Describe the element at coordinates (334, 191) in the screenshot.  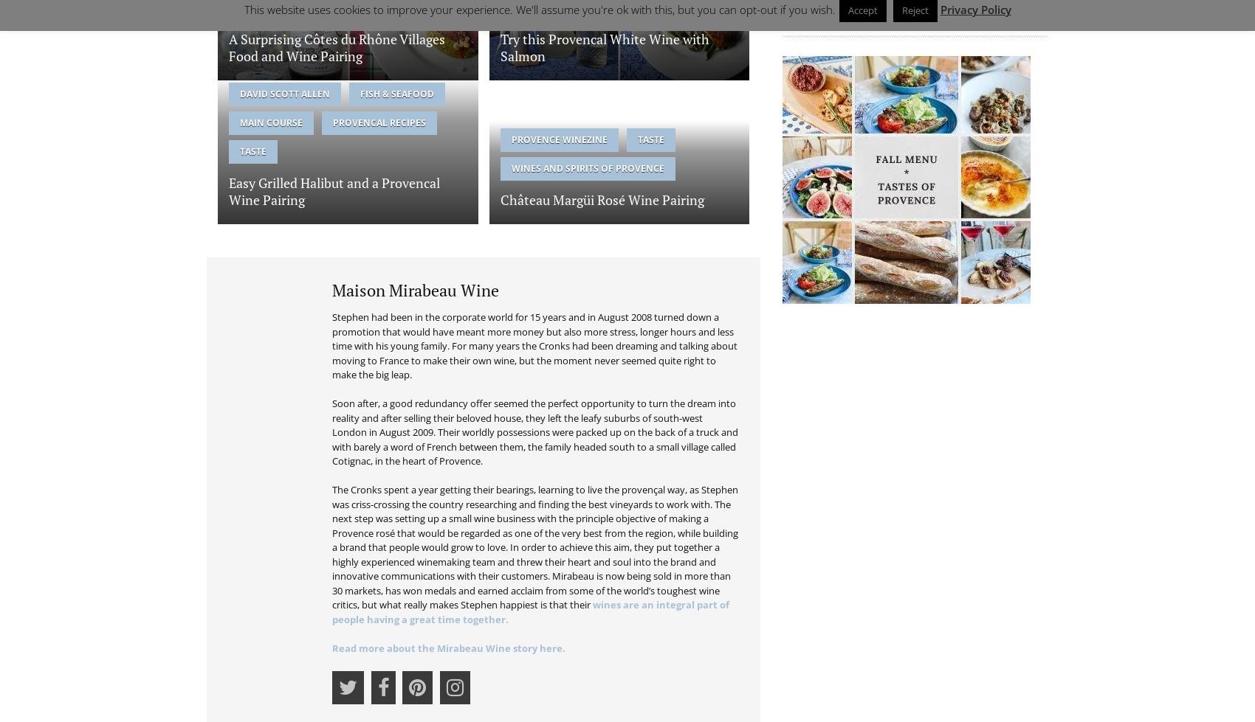
I see `'Easy Grilled Halibut and a Provencal Wine Pairing'` at that location.